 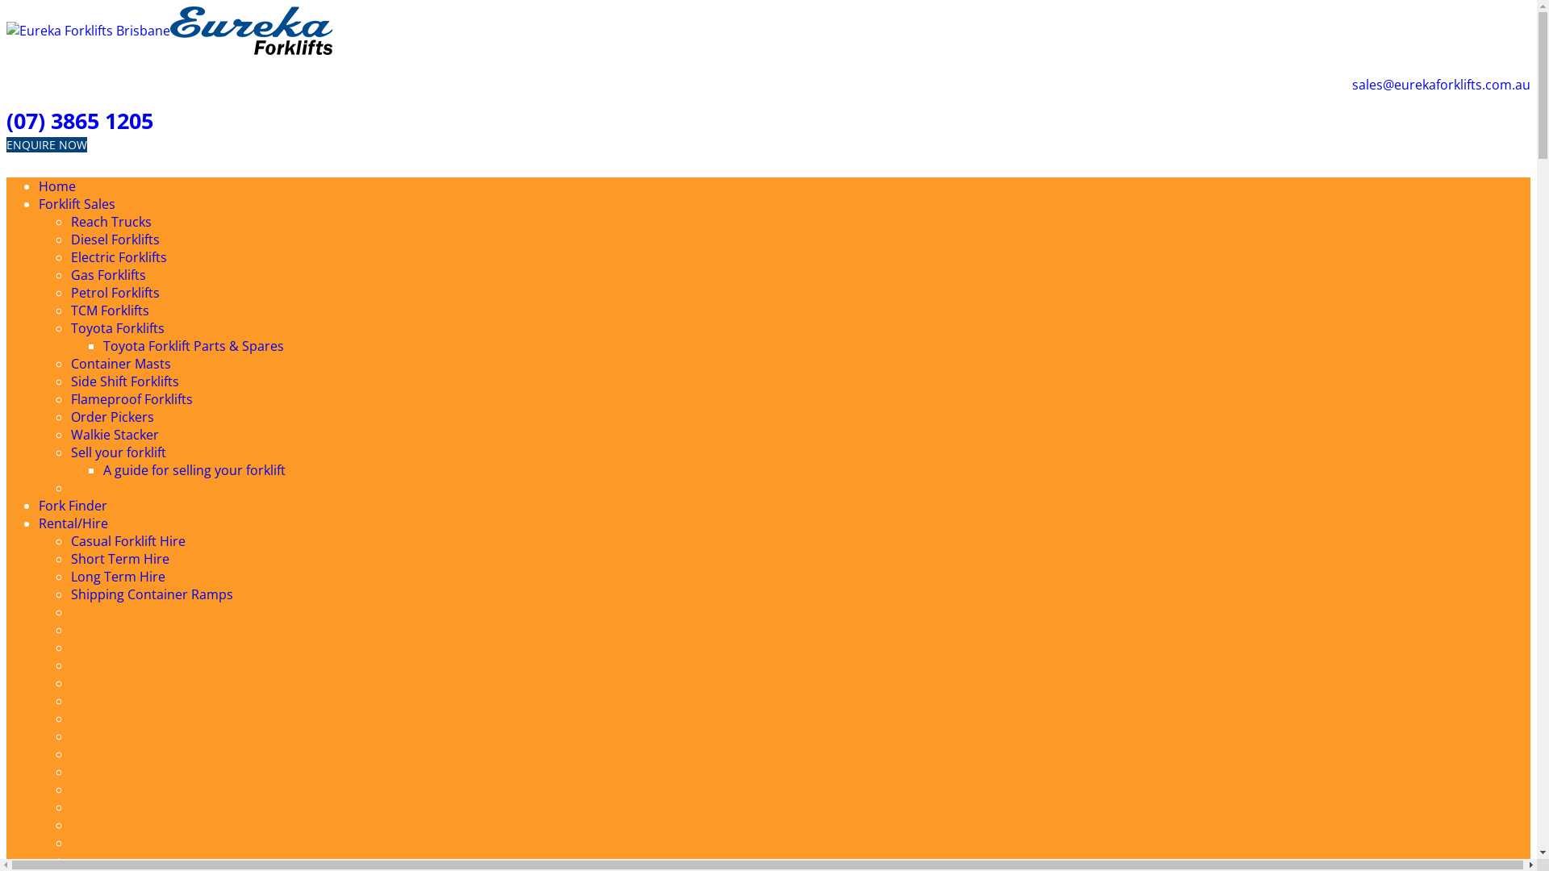 What do you see at coordinates (1441, 84) in the screenshot?
I see `'sales@eurekaforklifts.com.au'` at bounding box center [1441, 84].